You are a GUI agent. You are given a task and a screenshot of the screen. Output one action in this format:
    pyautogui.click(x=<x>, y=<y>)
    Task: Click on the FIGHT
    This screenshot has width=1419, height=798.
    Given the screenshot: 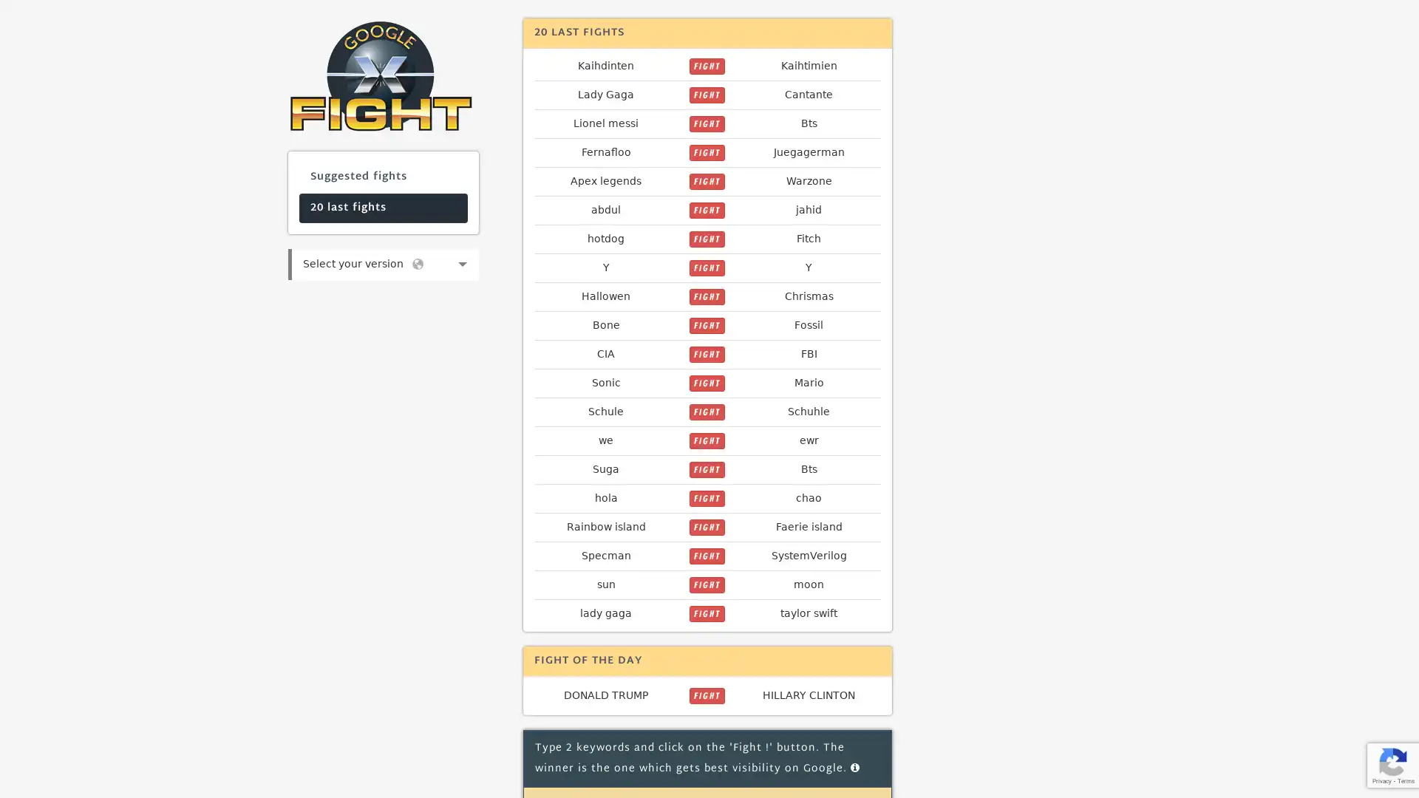 What is the action you would take?
    pyautogui.click(x=706, y=695)
    